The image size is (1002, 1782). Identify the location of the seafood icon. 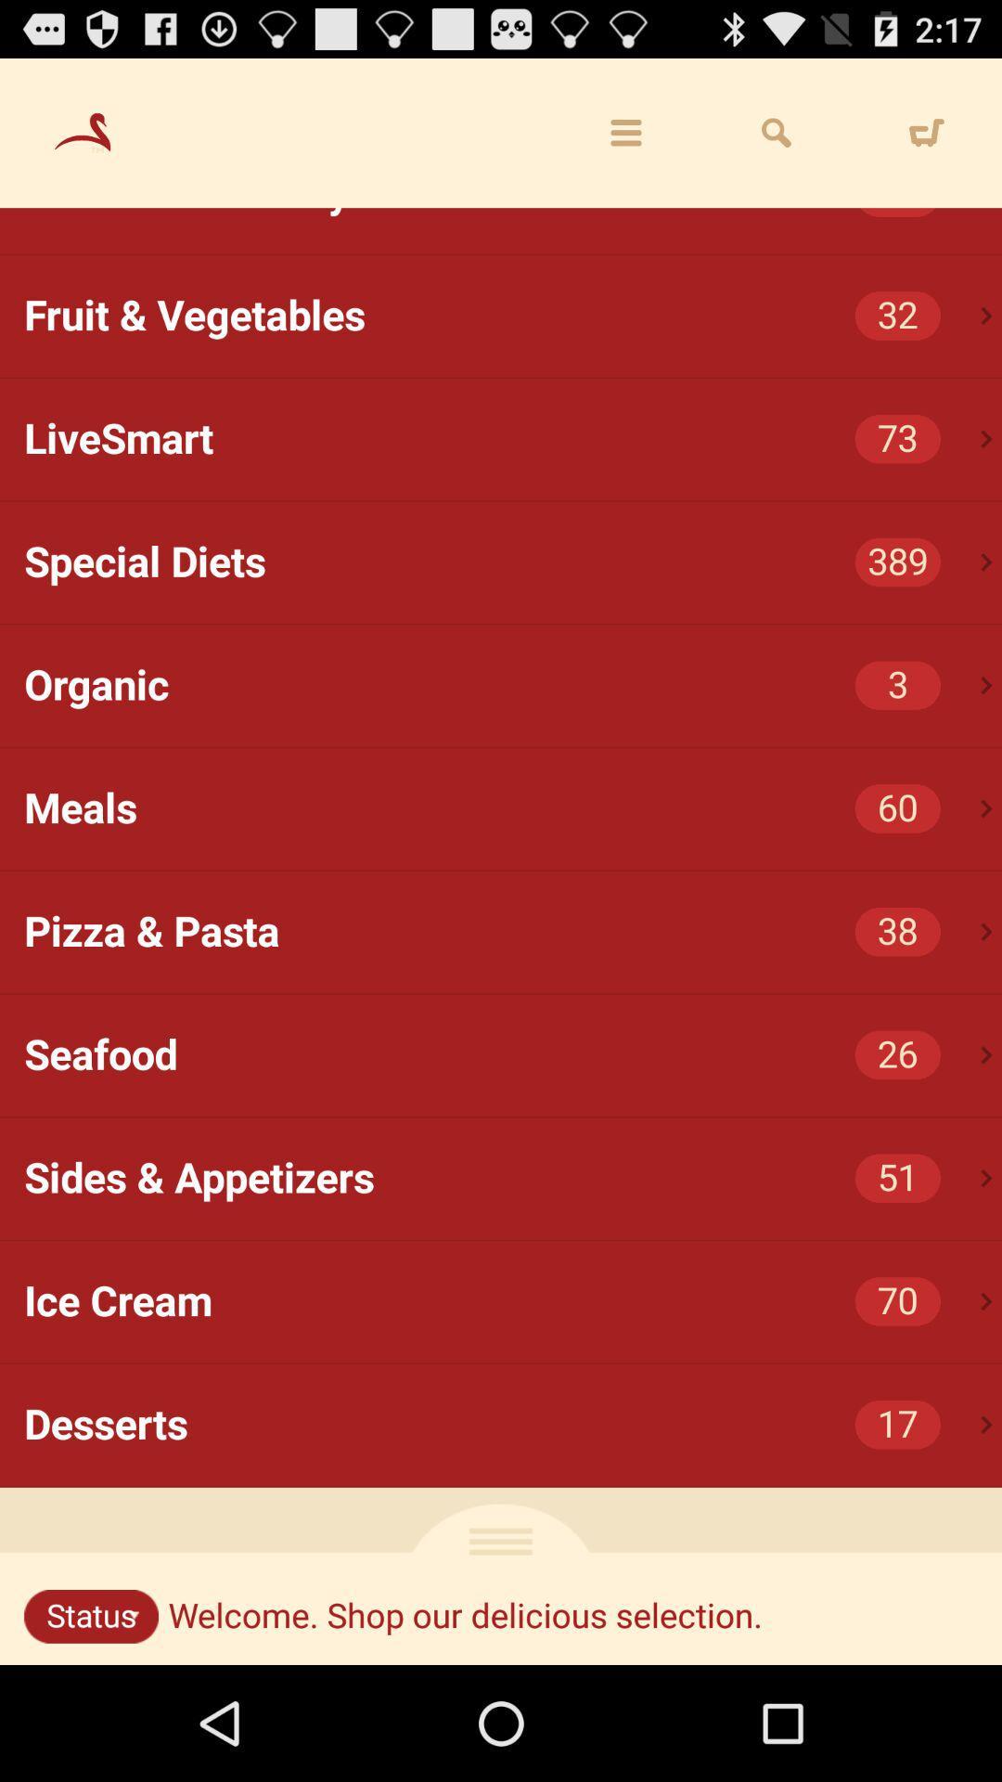
(513, 1055).